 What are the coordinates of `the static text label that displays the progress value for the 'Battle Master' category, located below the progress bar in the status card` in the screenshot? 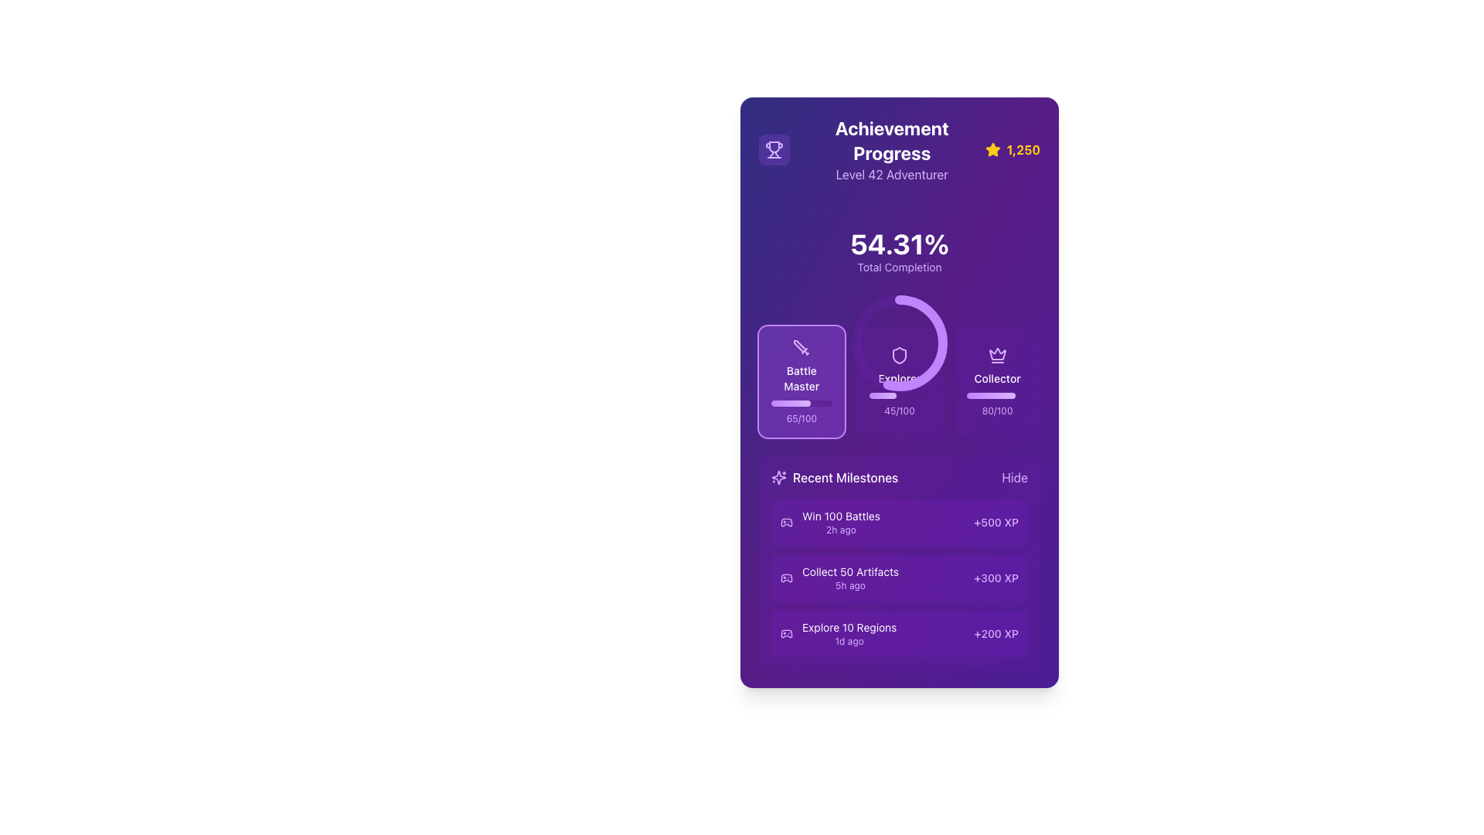 It's located at (802, 419).